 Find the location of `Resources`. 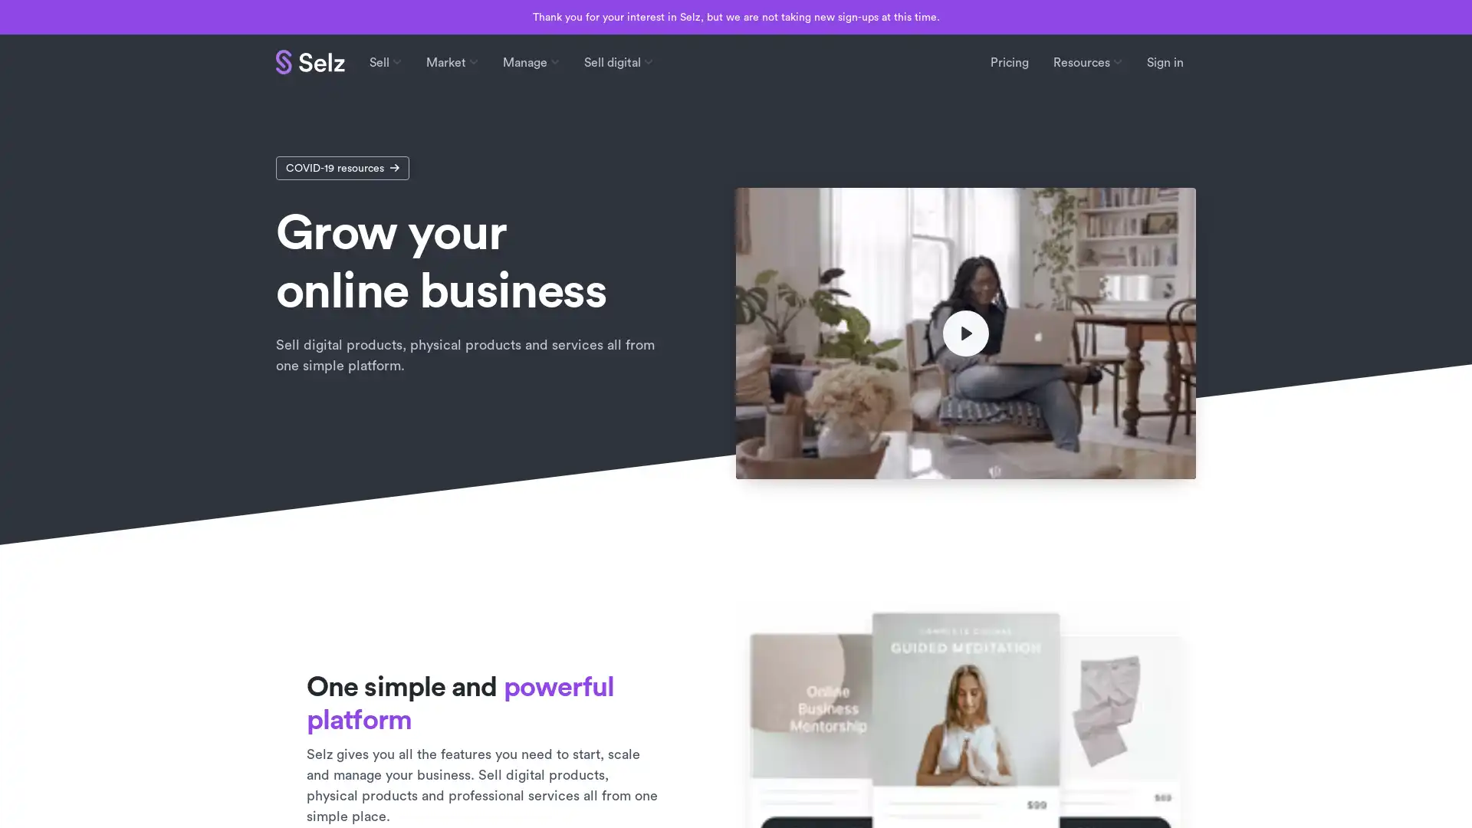

Resources is located at coordinates (1087, 61).